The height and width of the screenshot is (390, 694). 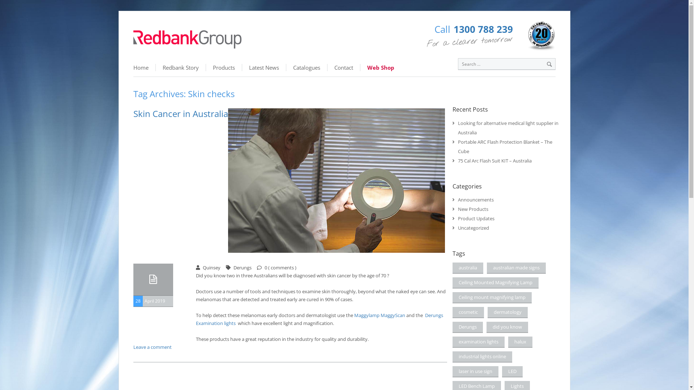 I want to click on 'Ceiling mount magnifying lamp', so click(x=492, y=298).